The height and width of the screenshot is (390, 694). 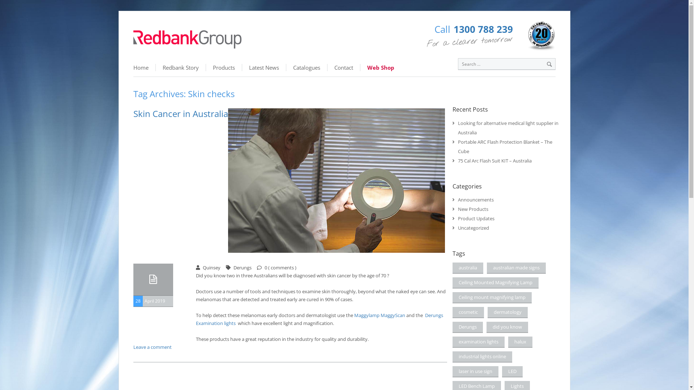 I want to click on 'Ceiling mount magnifying lamp', so click(x=492, y=298).